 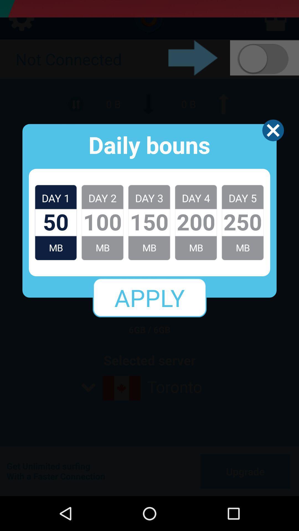 I want to click on window, so click(x=273, y=130).